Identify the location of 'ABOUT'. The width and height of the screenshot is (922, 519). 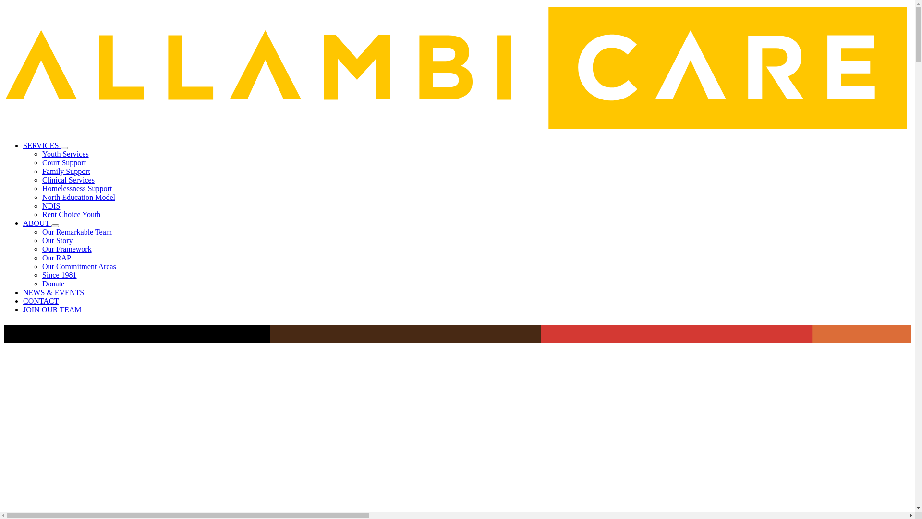
(37, 223).